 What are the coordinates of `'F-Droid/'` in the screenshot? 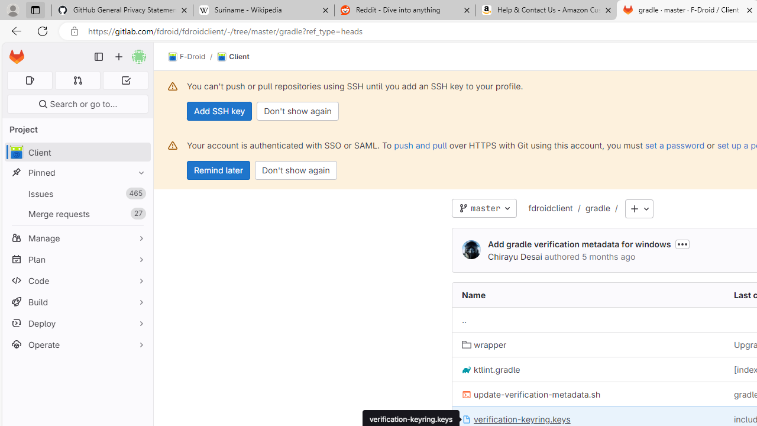 It's located at (193, 57).